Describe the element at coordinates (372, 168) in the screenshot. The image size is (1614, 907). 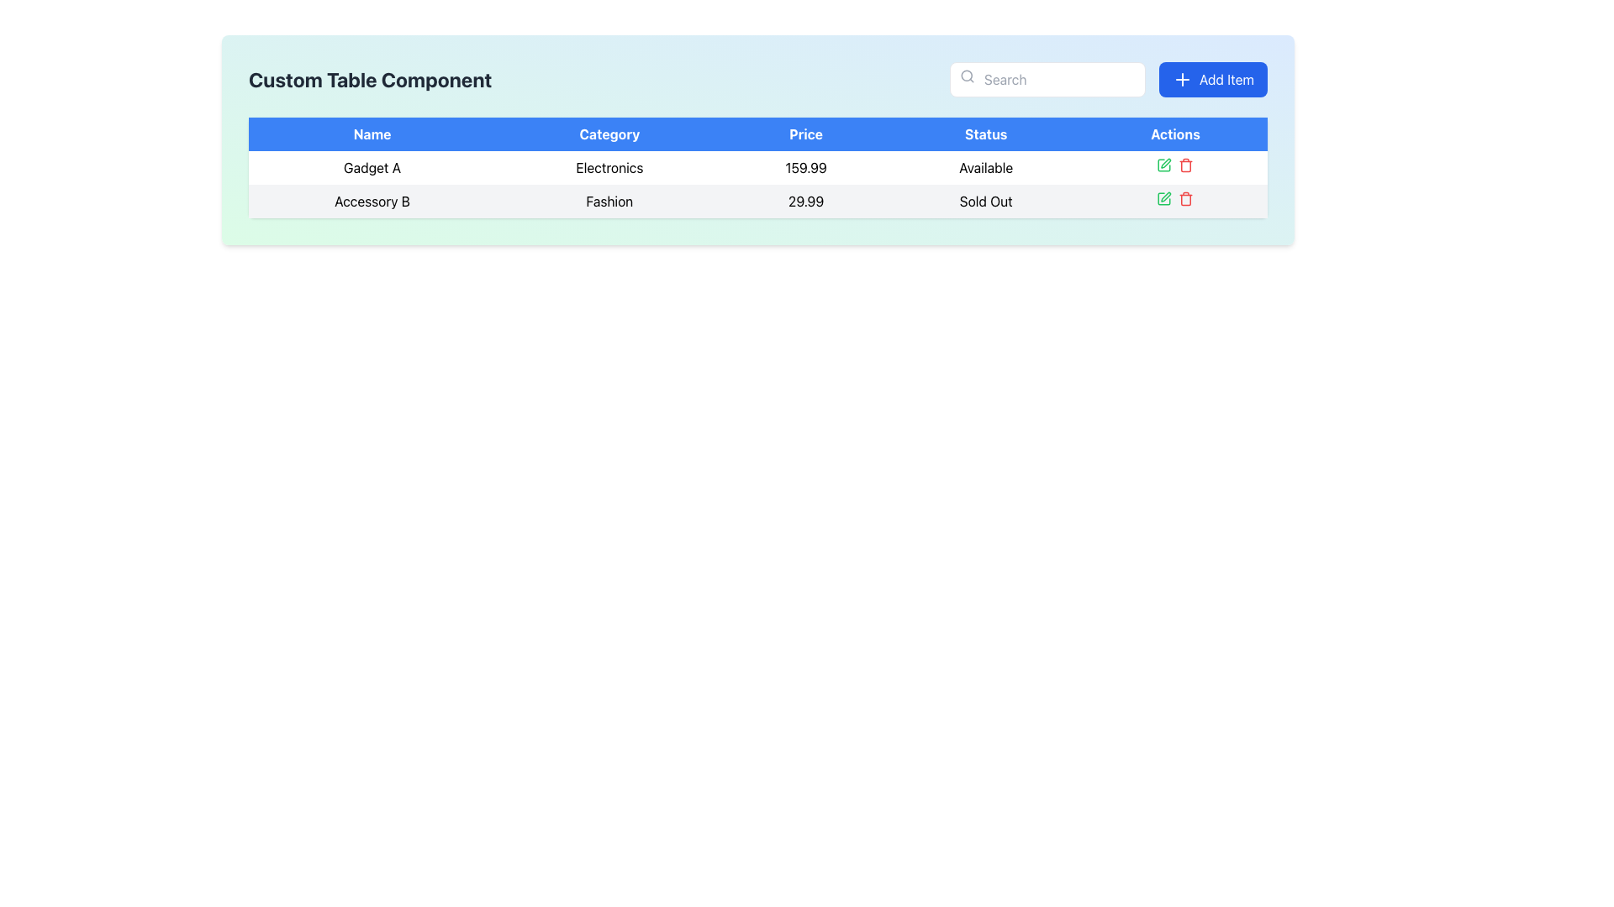
I see `the text label displaying 'Gadget A' in black, located in the first column of the first data row of the table` at that location.